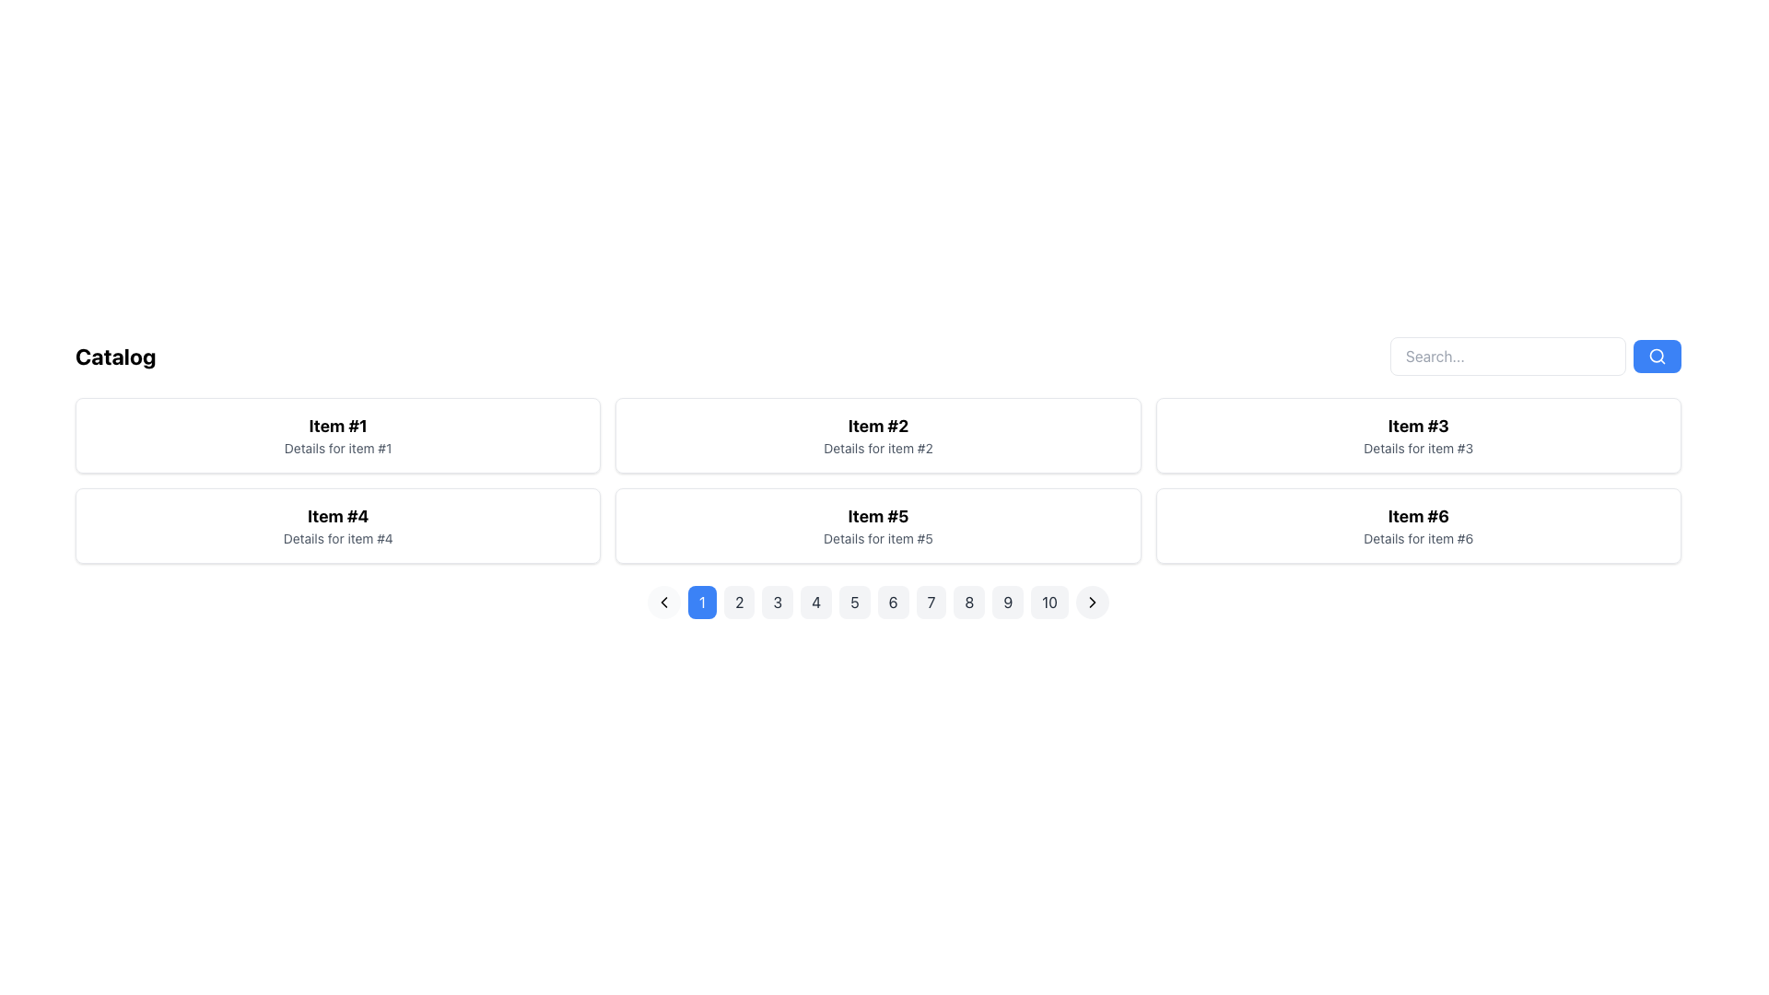 The image size is (1769, 995). Describe the element at coordinates (778, 603) in the screenshot. I see `the rounded rectangular button with a light gray background and dark gray text displaying the number '3', which is located in the pagination bar below the item list` at that location.